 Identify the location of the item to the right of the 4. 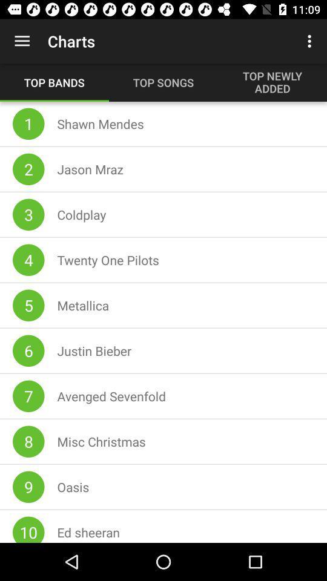
(108, 260).